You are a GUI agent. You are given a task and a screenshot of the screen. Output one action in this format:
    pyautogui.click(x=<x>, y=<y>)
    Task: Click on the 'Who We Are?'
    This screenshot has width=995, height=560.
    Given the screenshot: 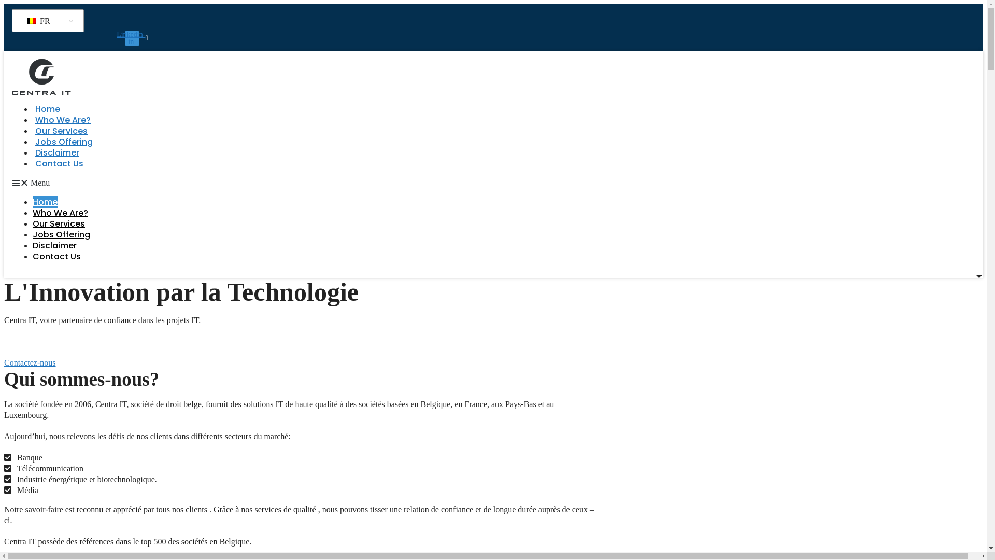 What is the action you would take?
    pyautogui.click(x=60, y=212)
    